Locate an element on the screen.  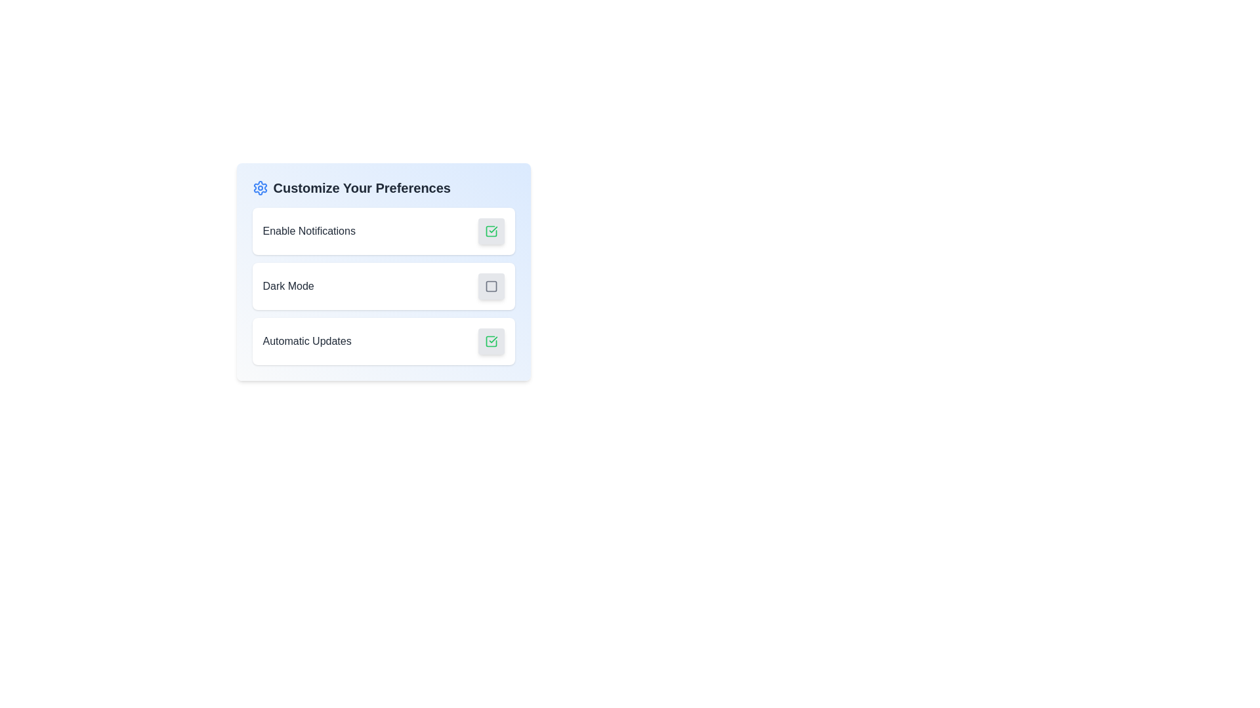
the blue cog-shaped settings icon located to the left of the text 'Customize Your Preferences' is located at coordinates (260, 187).